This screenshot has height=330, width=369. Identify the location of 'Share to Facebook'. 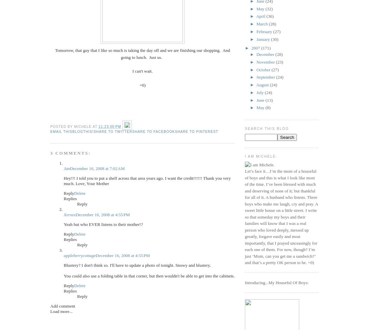
(153, 131).